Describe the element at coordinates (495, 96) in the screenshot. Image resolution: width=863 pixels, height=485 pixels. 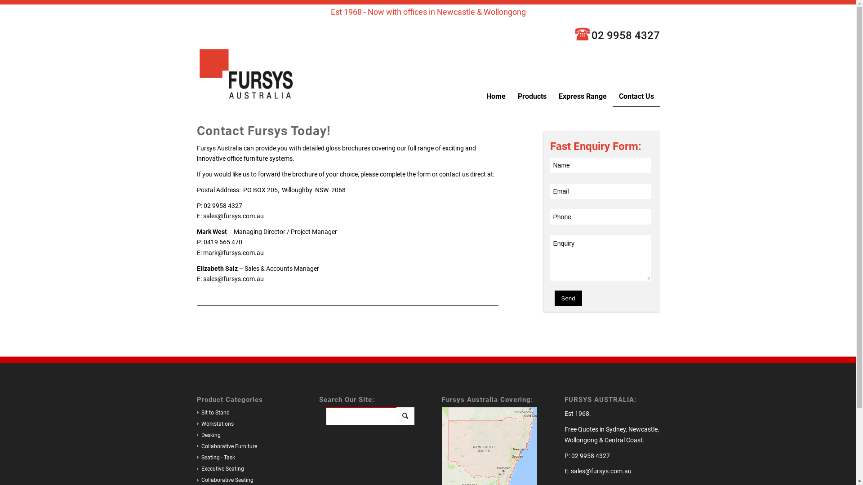
I see `'Home'` at that location.